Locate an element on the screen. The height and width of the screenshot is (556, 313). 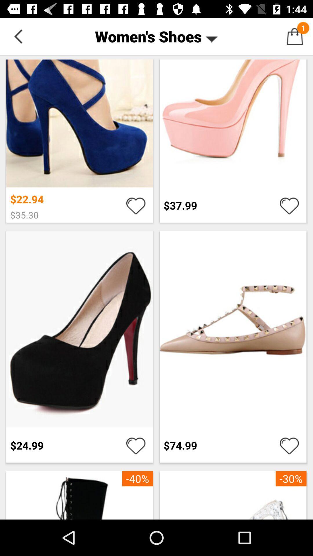
shows like heart symbol is located at coordinates (136, 205).